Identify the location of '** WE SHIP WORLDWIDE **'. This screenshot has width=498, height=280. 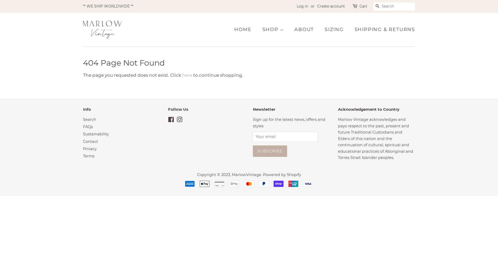
(108, 6).